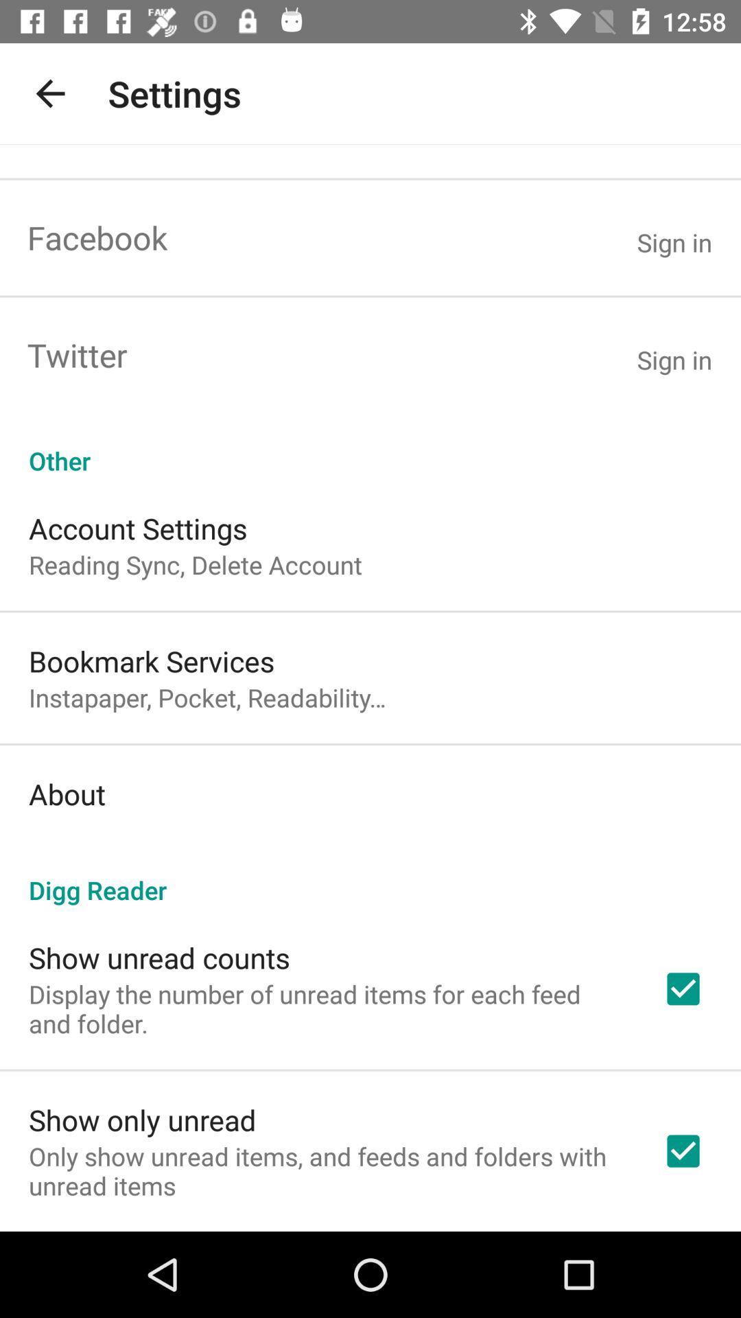  I want to click on account settings icon, so click(138, 527).